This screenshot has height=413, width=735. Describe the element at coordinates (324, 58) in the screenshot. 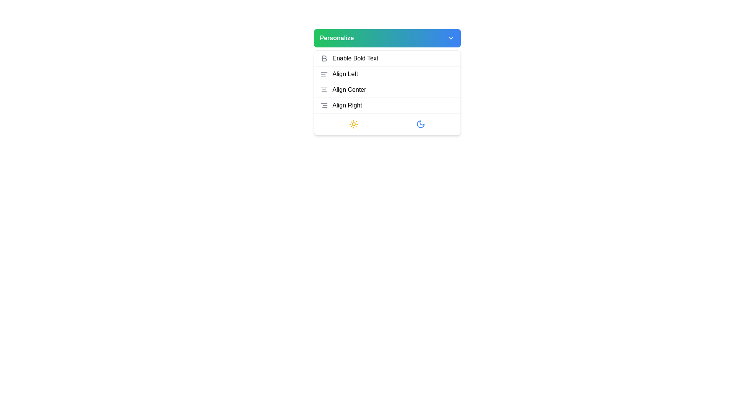

I see `the 'Enable Bold Text' icon located at the left side of the 'Enable Bold Text' menu option under the 'Personalize' dropdown` at that location.